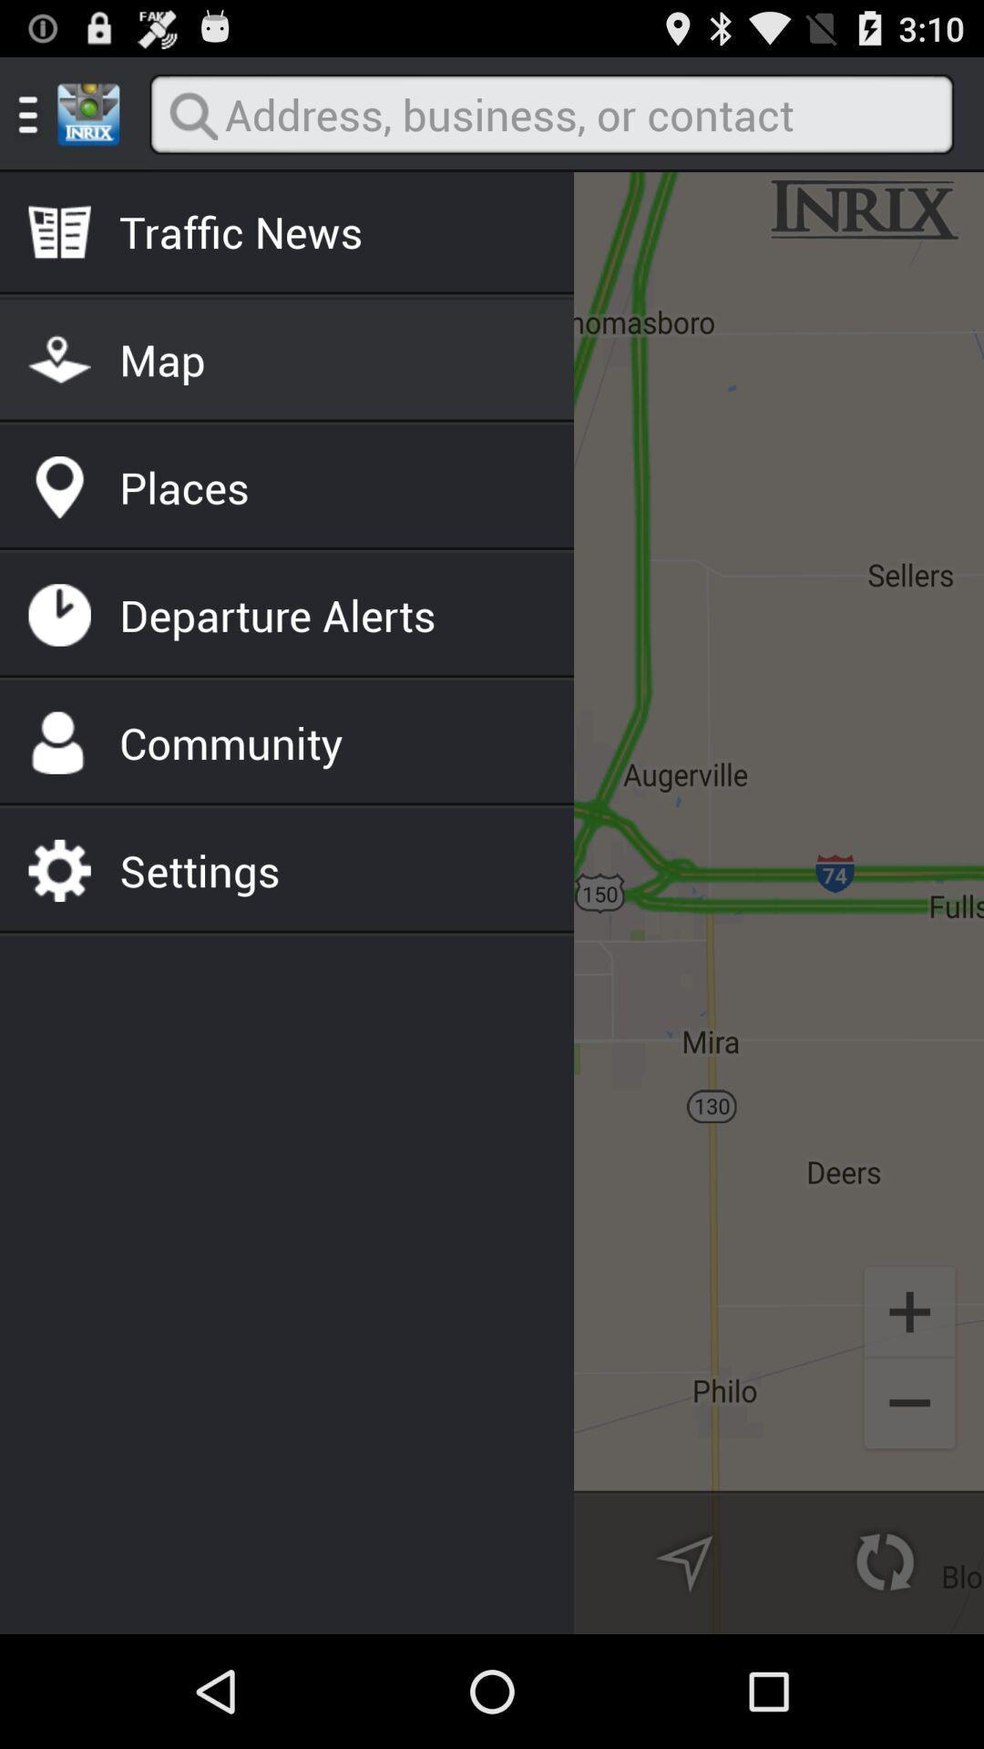 The height and width of the screenshot is (1749, 984). Describe the element at coordinates (200, 869) in the screenshot. I see `the settings icon` at that location.